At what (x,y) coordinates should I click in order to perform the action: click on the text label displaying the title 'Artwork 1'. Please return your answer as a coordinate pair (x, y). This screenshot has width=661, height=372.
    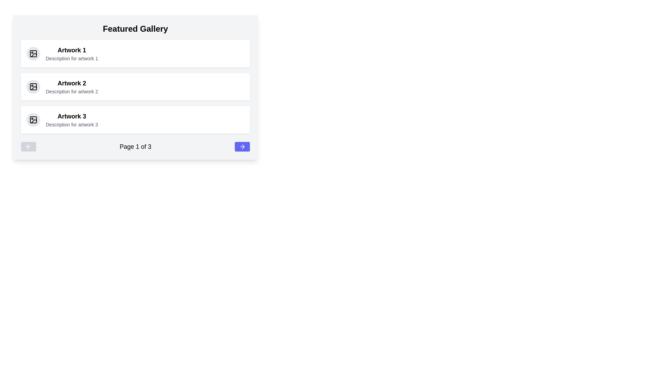
    Looking at the image, I should click on (72, 50).